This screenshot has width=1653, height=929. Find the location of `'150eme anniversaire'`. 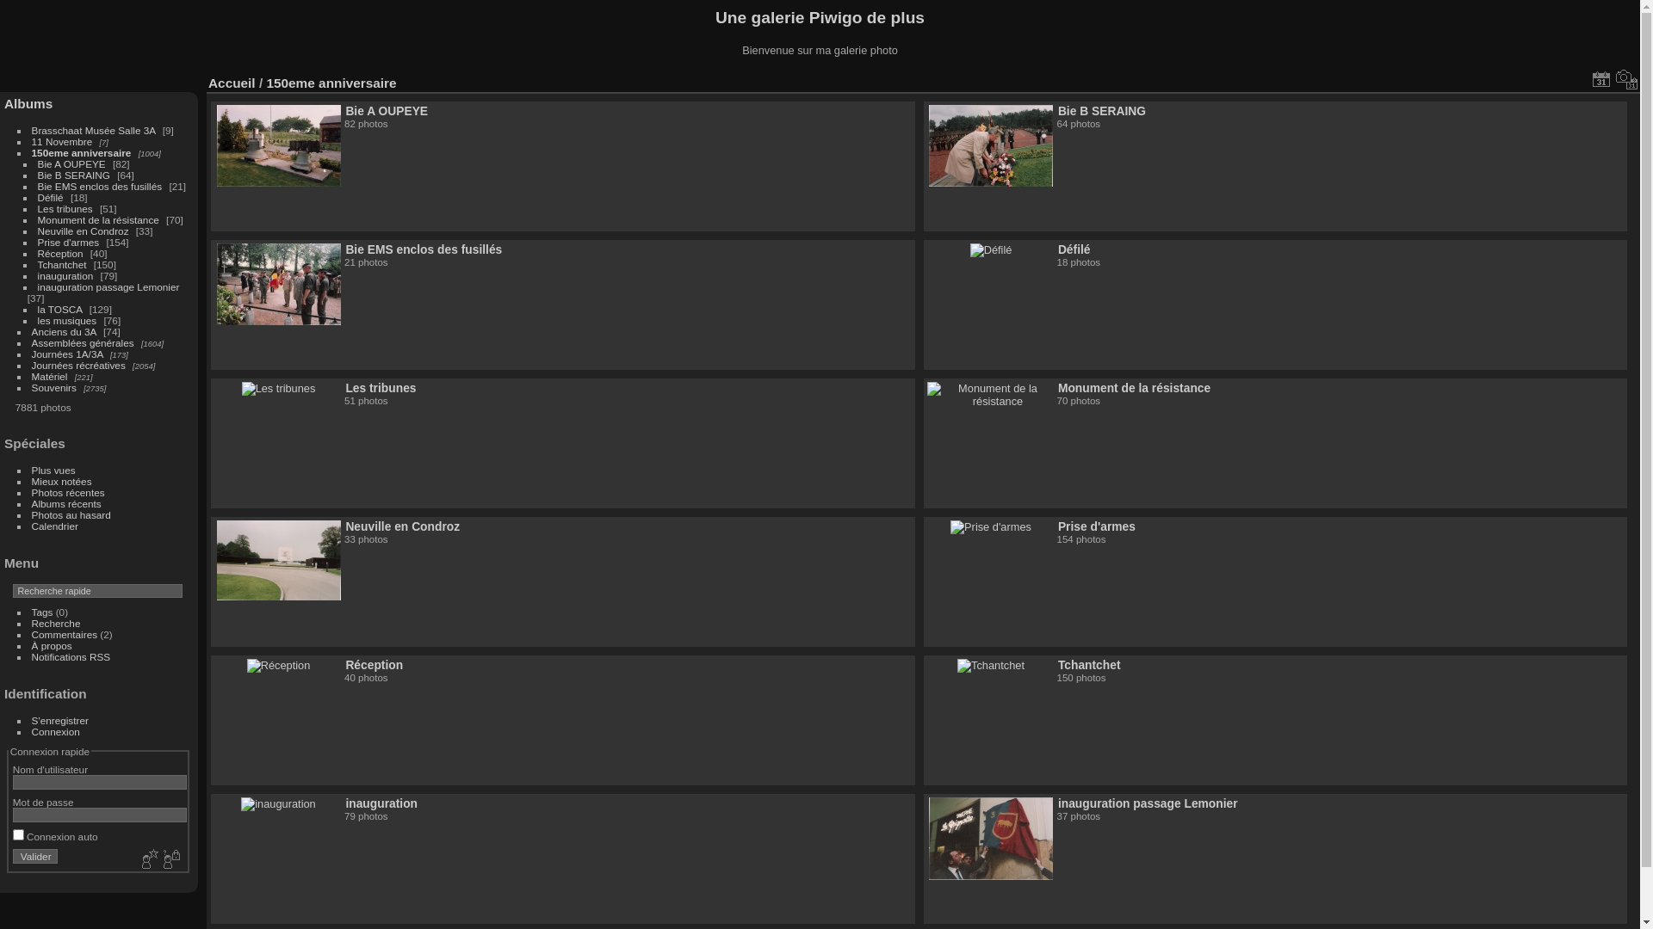

'150eme anniversaire' is located at coordinates (331, 83).